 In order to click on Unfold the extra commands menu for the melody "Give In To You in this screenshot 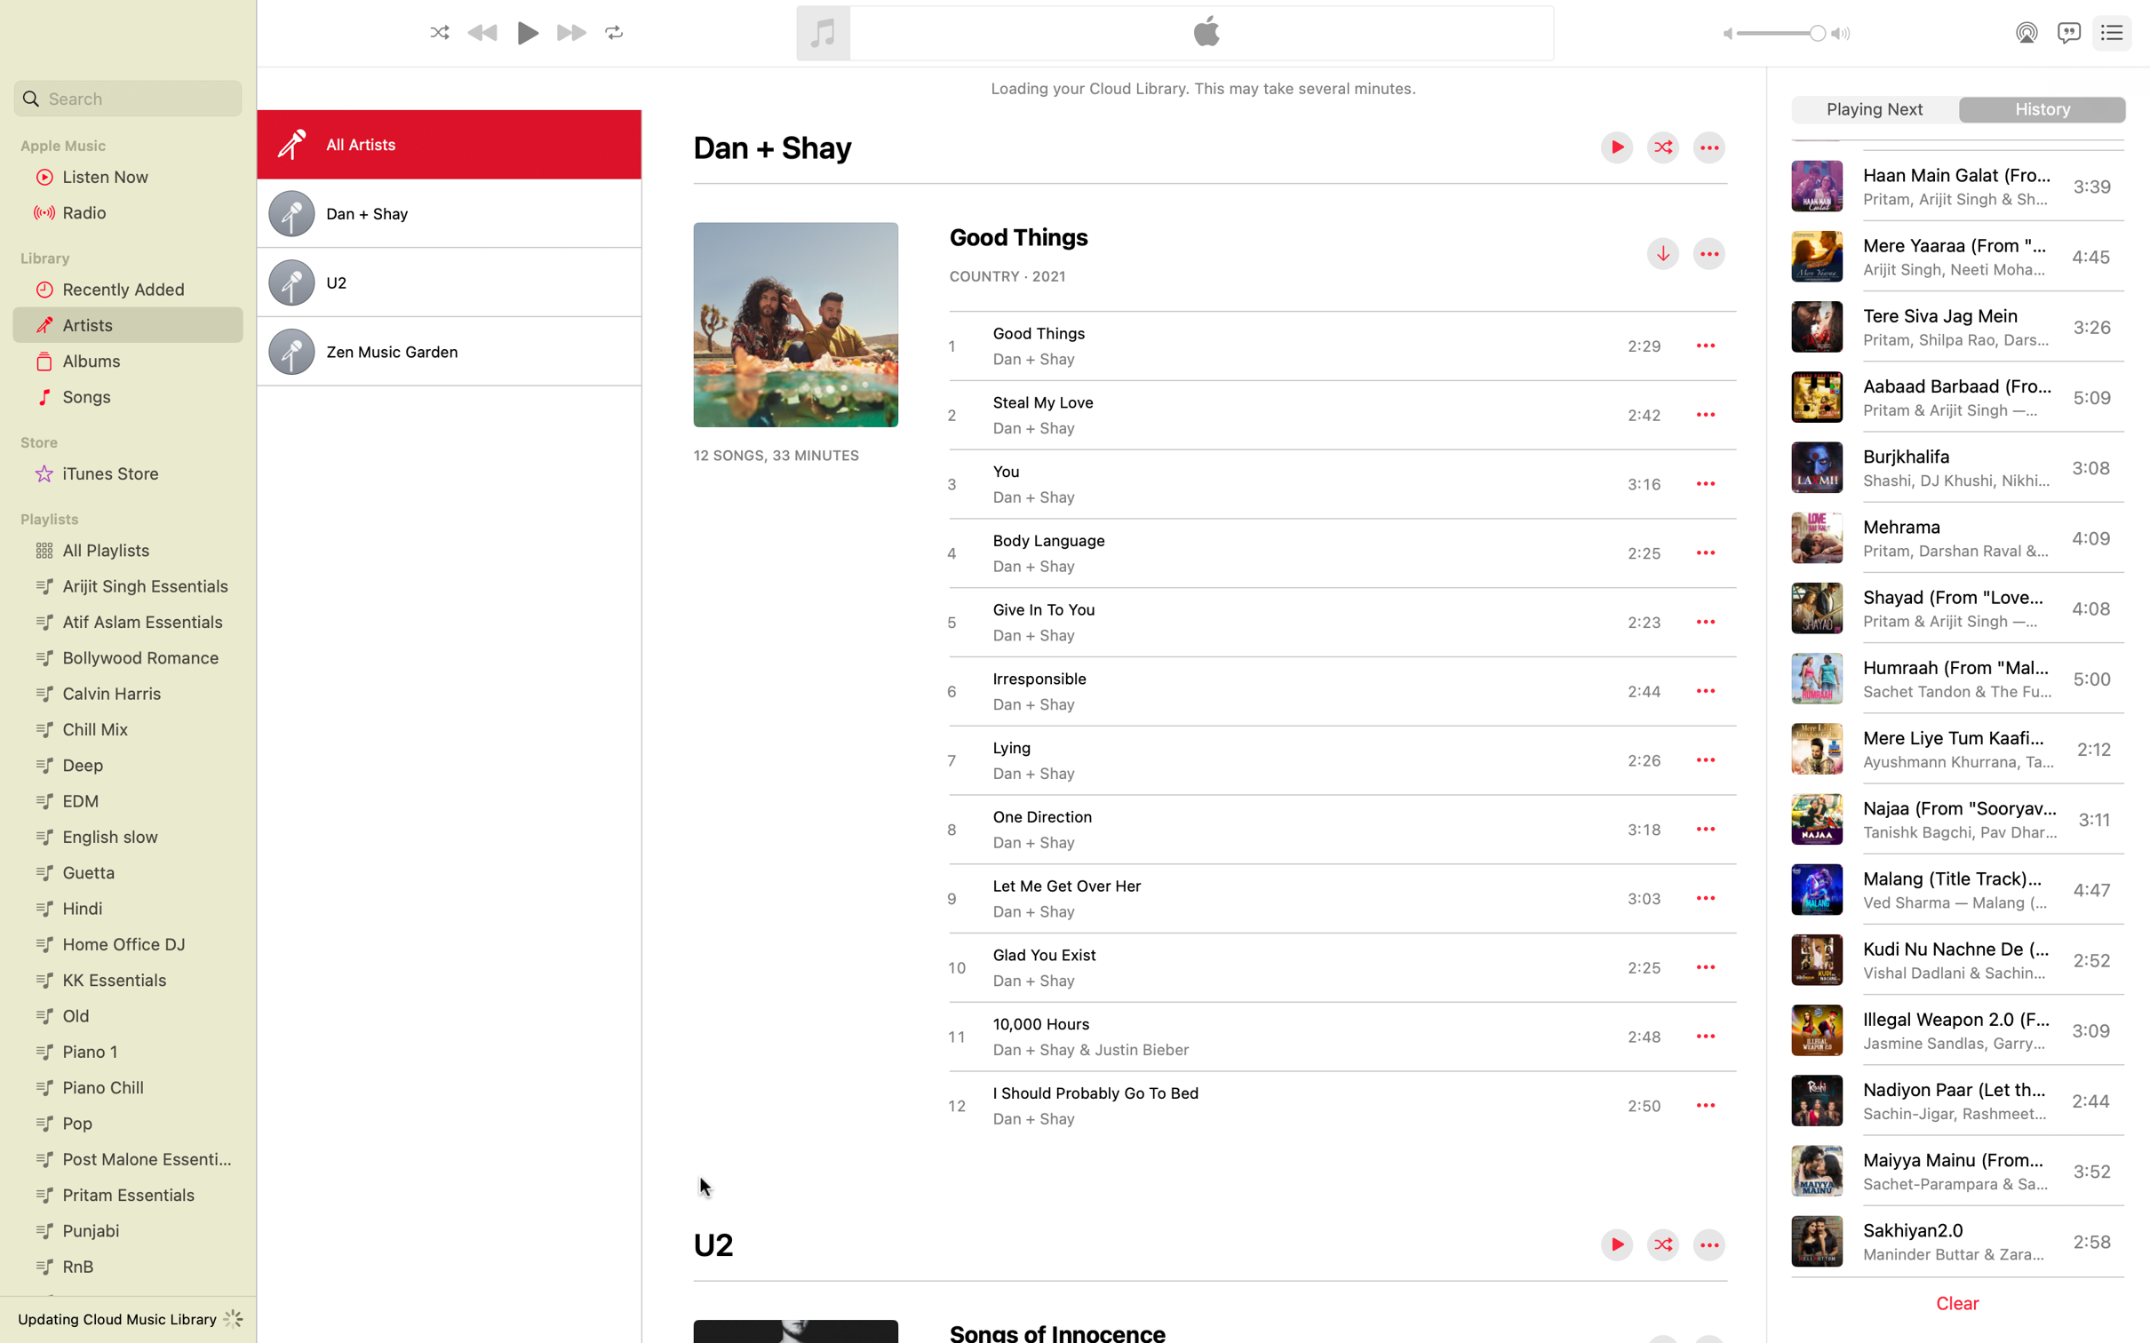, I will do `click(1706, 621)`.